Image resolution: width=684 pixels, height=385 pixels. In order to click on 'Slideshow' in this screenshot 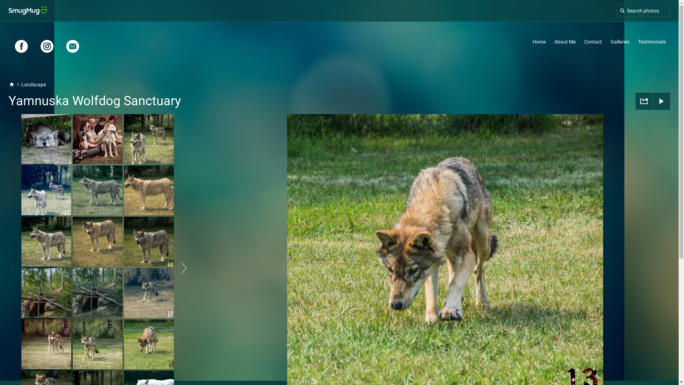, I will do `click(653, 101)`.